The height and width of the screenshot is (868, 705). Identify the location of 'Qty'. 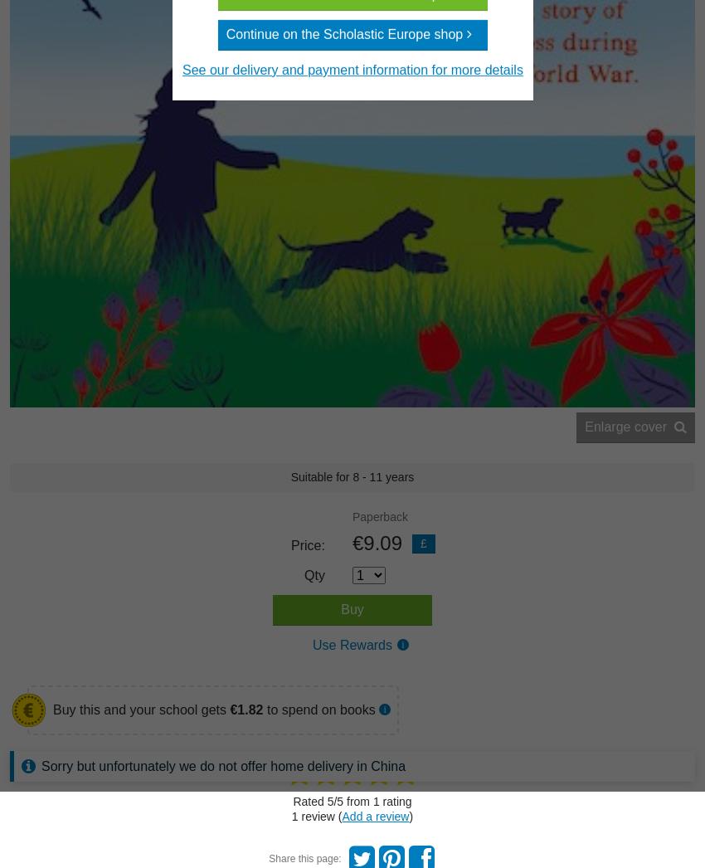
(314, 575).